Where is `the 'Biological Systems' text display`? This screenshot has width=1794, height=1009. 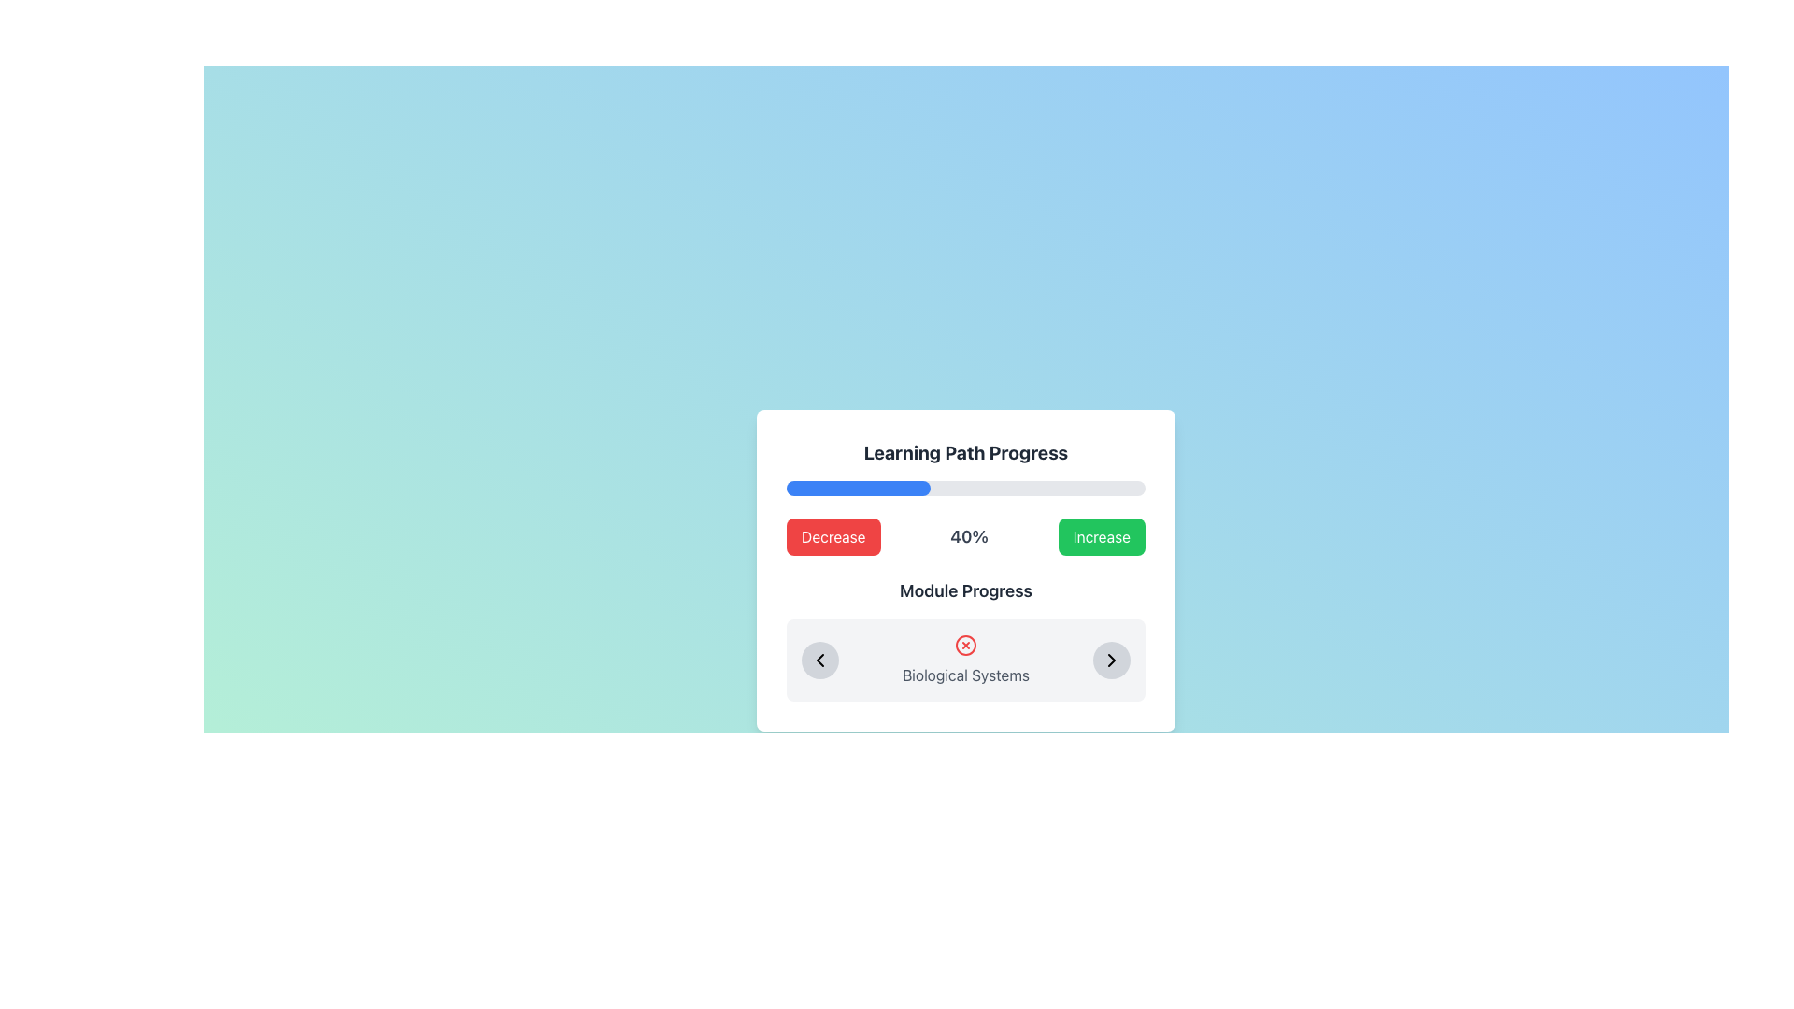 the 'Biological Systems' text display is located at coordinates (965, 659).